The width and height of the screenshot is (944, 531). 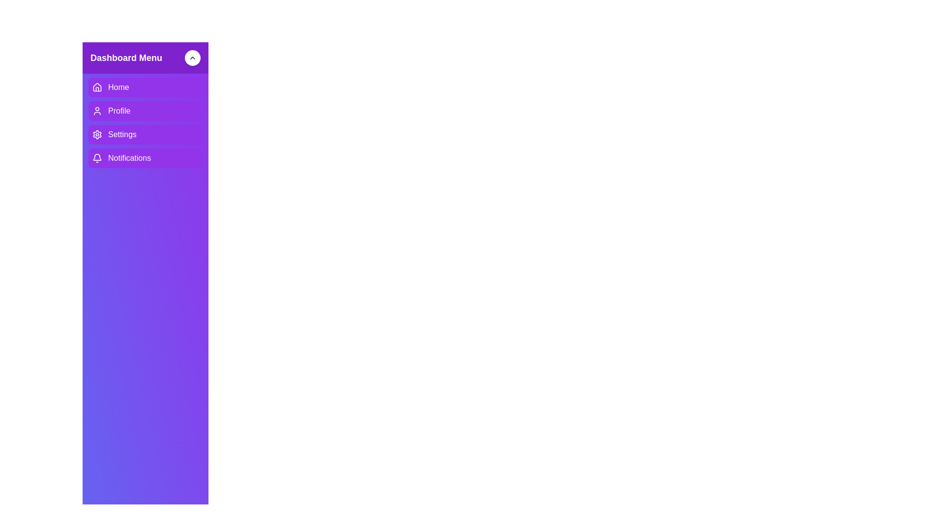 What do you see at coordinates (145, 157) in the screenshot?
I see `the navigation button located in the sidebar menu, which is the fourth item below 'Home', 'Profile', and 'Settings'` at bounding box center [145, 157].